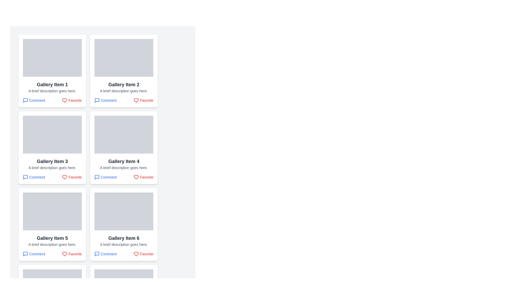 This screenshot has width=505, height=284. Describe the element at coordinates (123, 161) in the screenshot. I see `the text label that serves as the title for the gallery item` at that location.